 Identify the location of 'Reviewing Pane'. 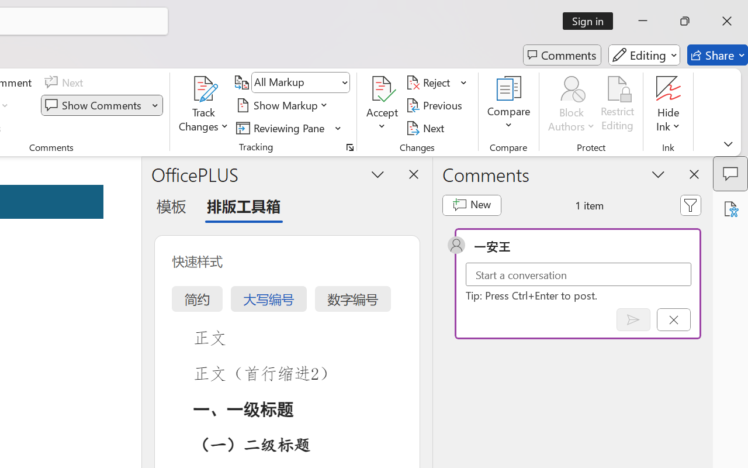
(289, 128).